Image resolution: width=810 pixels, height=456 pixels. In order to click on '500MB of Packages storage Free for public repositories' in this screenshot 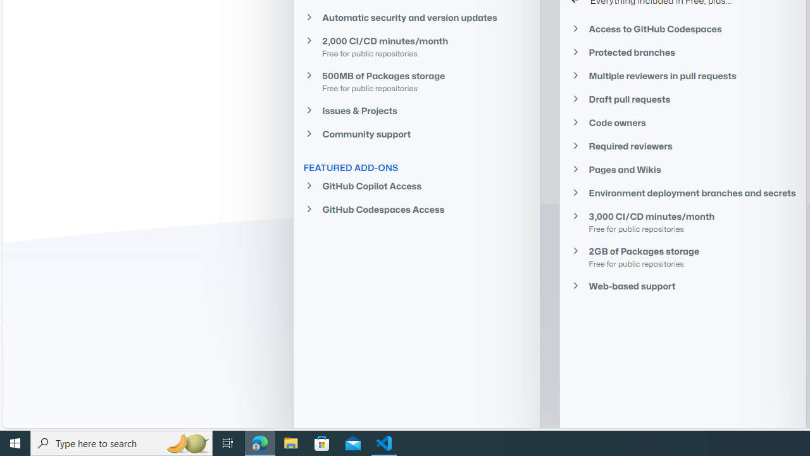, I will do `click(416, 81)`.